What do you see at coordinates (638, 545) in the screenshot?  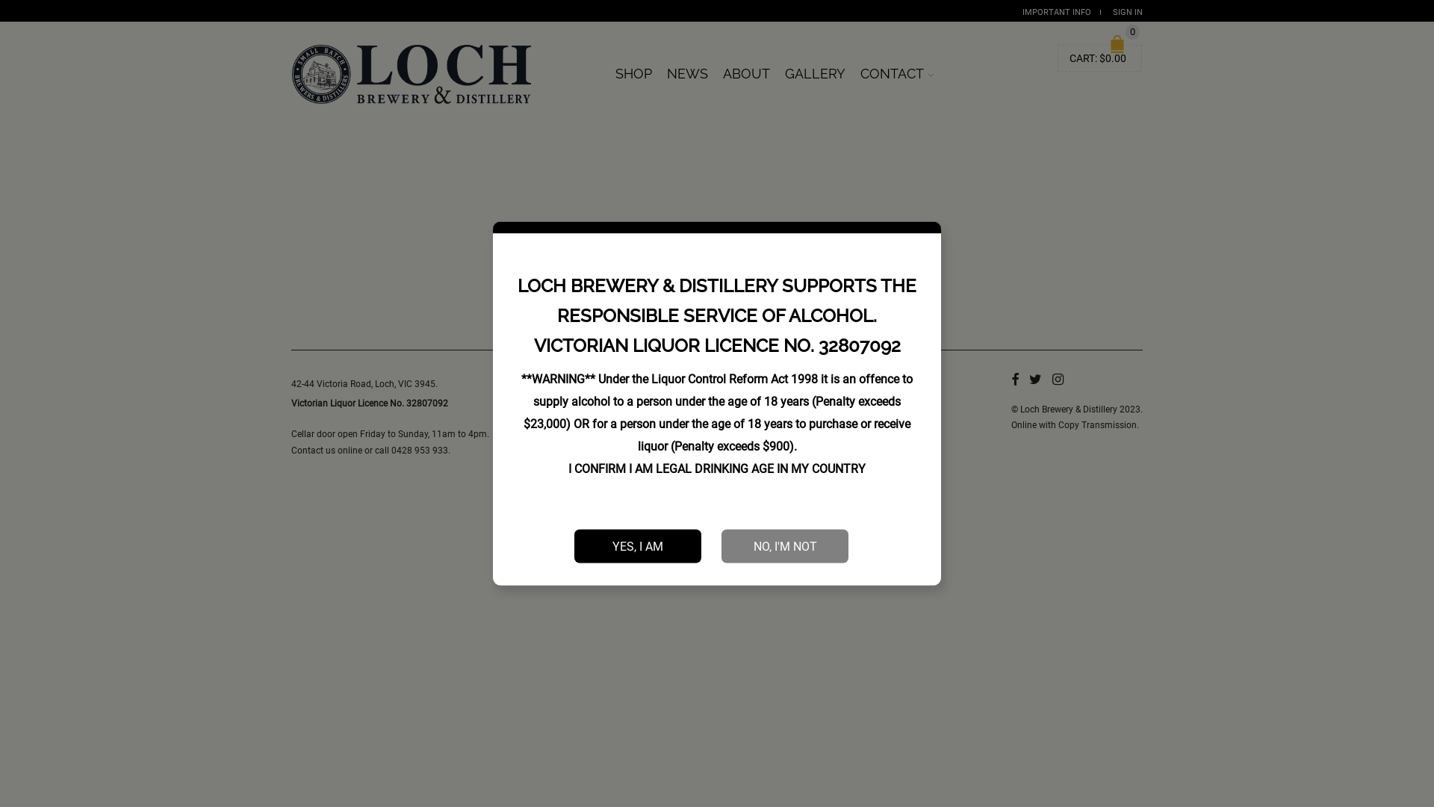 I see `'YES, I AM'` at bounding box center [638, 545].